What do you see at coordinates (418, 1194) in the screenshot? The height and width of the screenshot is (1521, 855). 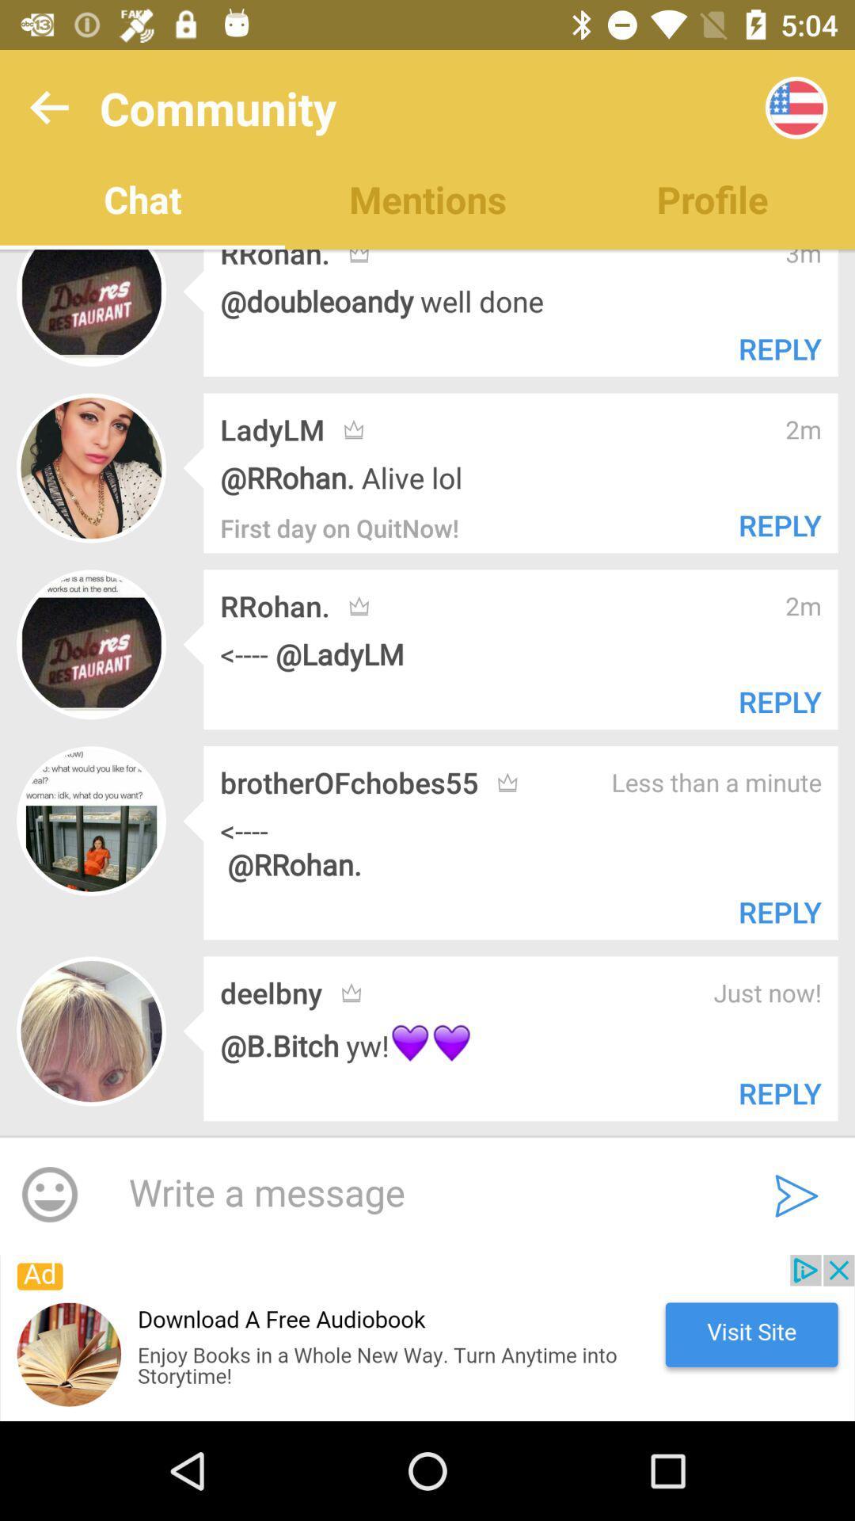 I see `write message here` at bounding box center [418, 1194].